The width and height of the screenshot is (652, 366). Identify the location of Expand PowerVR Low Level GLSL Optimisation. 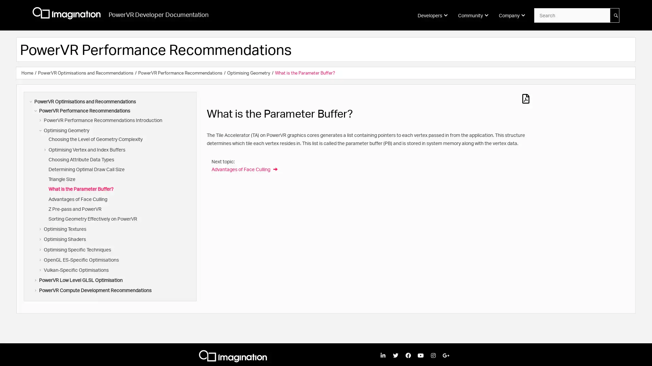
(36, 280).